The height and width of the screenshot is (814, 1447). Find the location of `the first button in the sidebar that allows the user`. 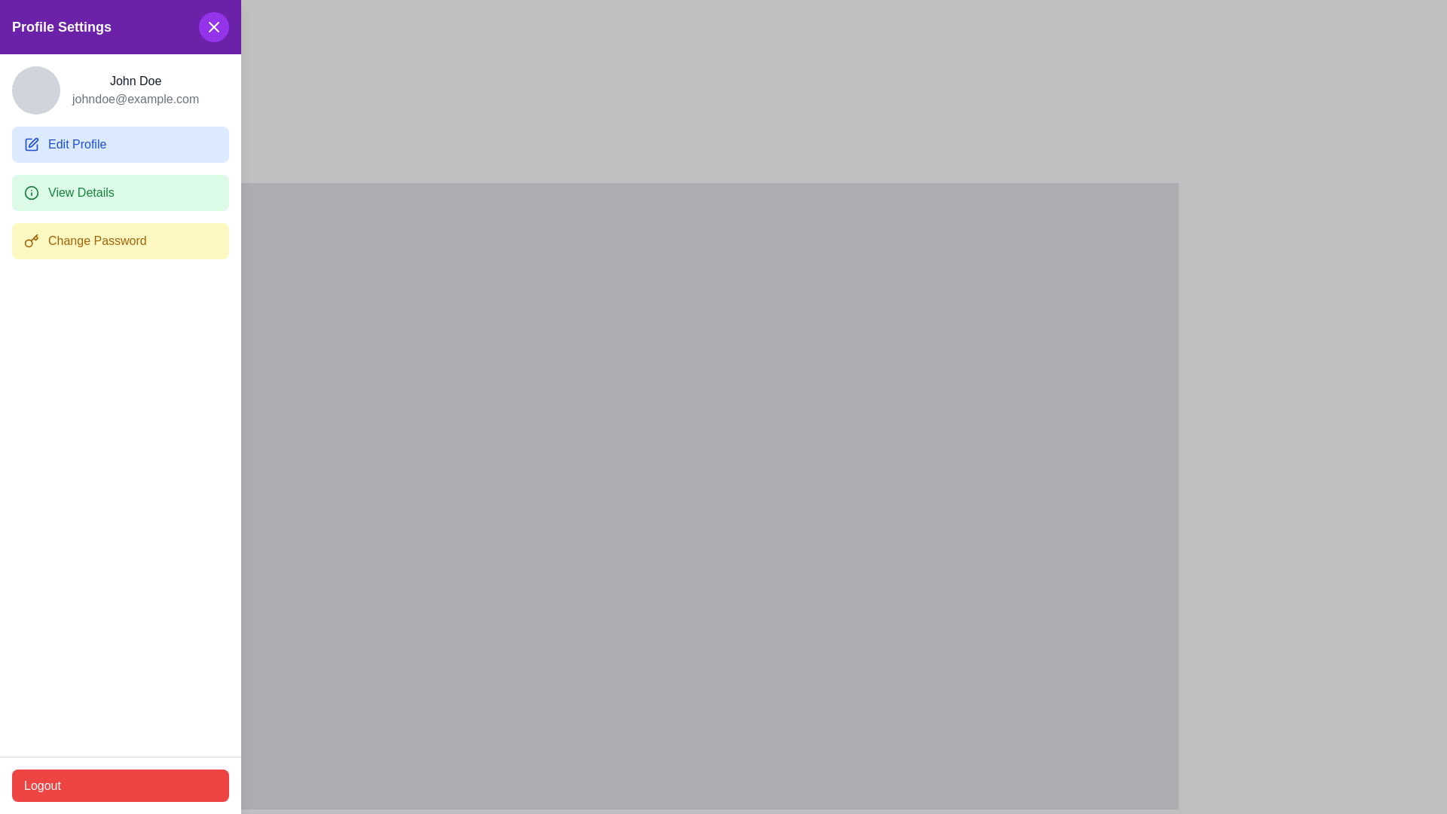

the first button in the sidebar that allows the user is located at coordinates (119, 145).